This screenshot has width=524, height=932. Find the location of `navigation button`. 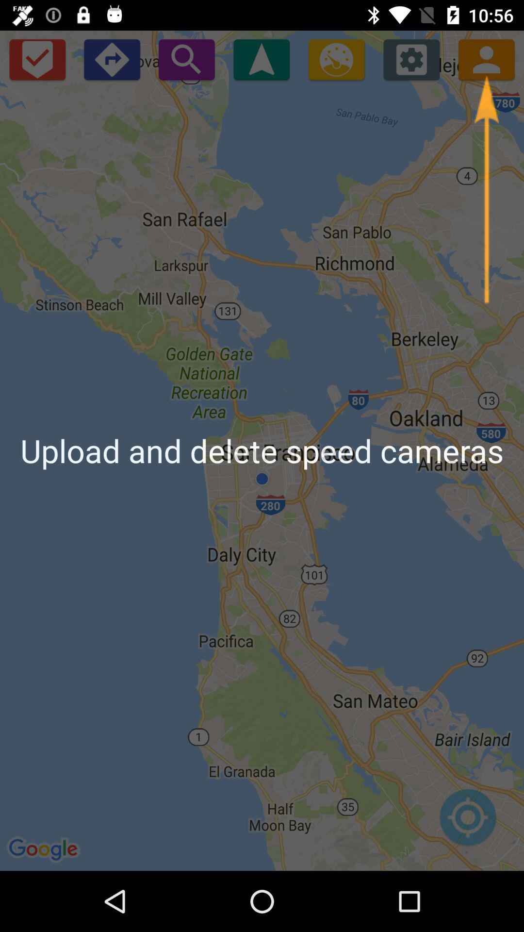

navigation button is located at coordinates (261, 59).